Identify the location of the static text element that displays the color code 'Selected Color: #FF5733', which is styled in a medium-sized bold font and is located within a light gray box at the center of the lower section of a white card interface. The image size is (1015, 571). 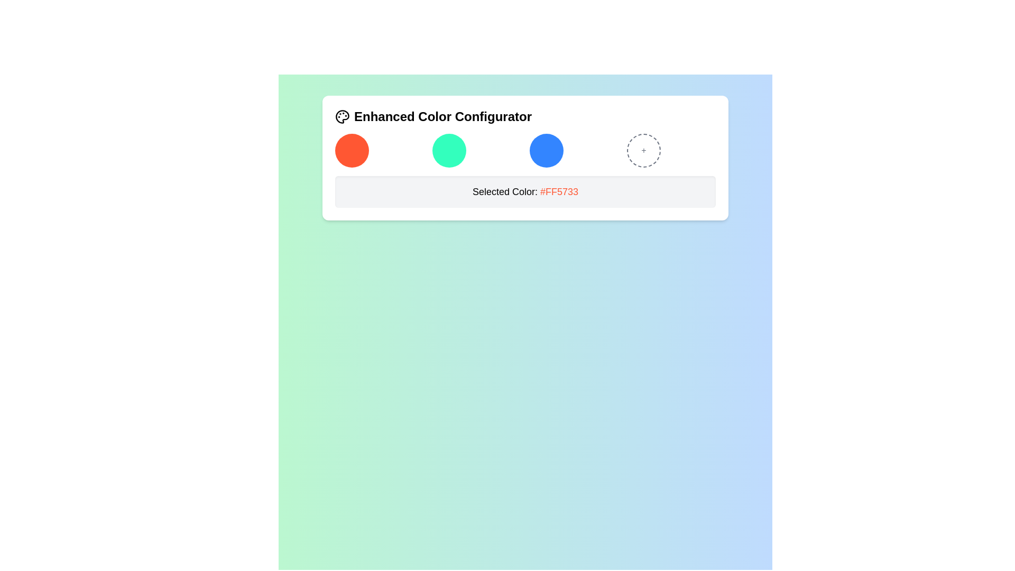
(525, 191).